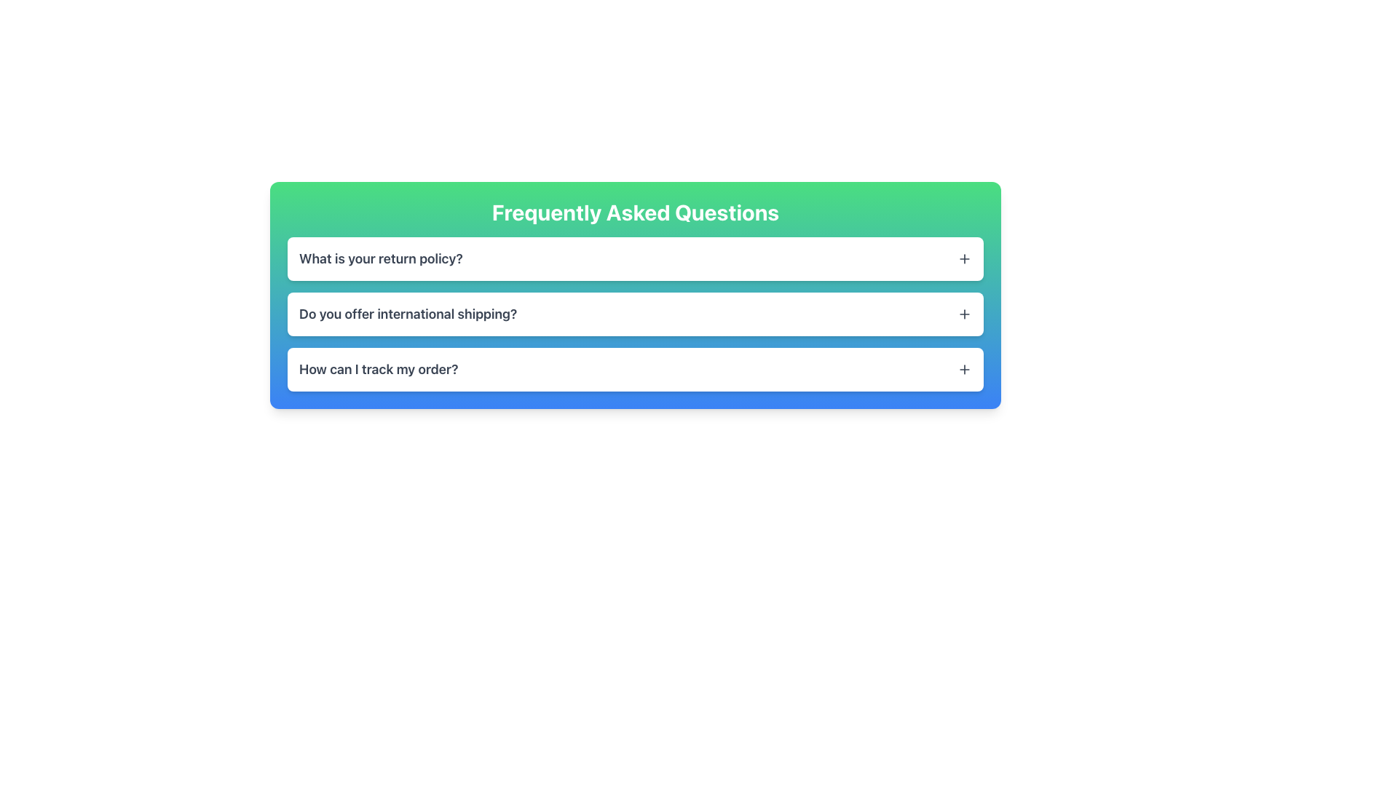 This screenshot has width=1398, height=786. Describe the element at coordinates (964, 258) in the screenshot. I see `the small plus sign icon located at the far right of the question item titled 'What is your return policy?'` at that location.